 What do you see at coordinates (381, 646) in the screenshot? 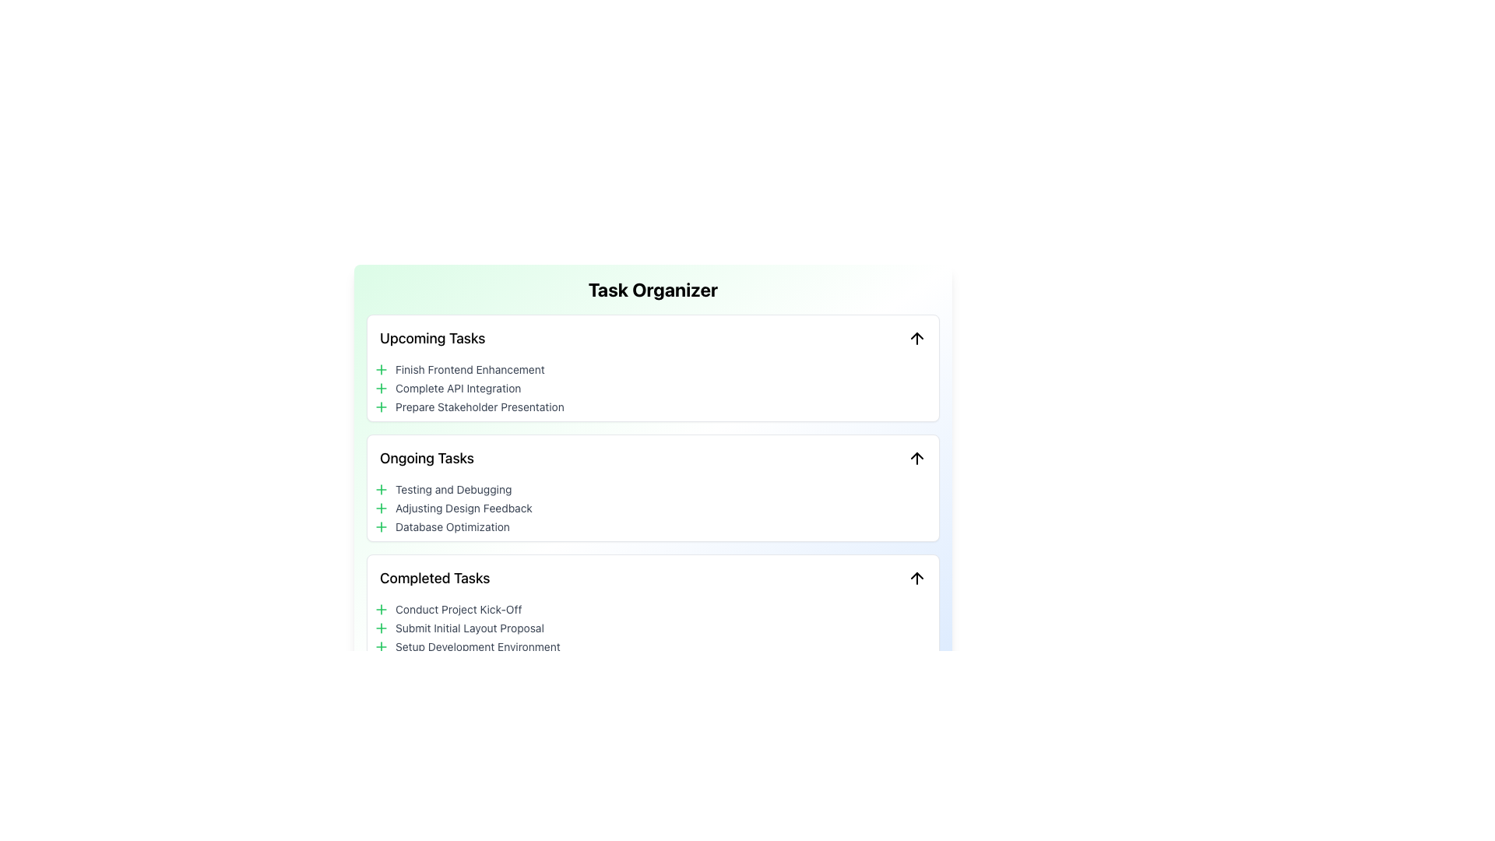
I see `the small green plus sign icon button located to the left of the 'Setup Development Environment' text in the 'Completed Tasks' section` at bounding box center [381, 646].